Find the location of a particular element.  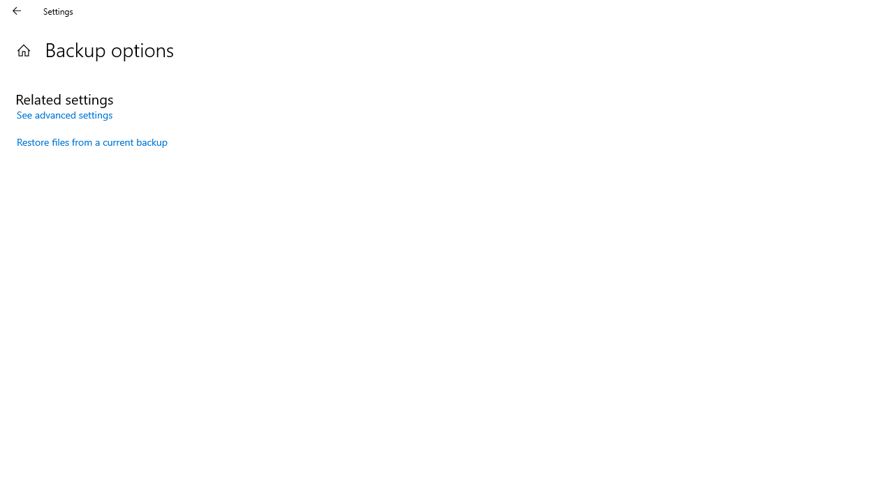

'Back' is located at coordinates (17, 10).